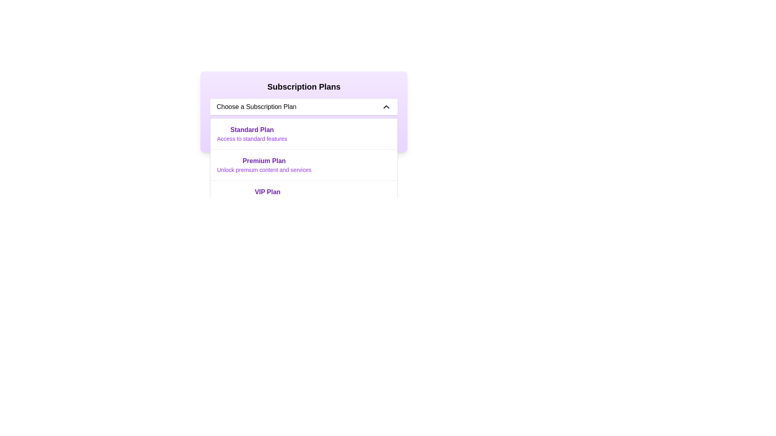  Describe the element at coordinates (264, 161) in the screenshot. I see `the text label displaying 'Premium Plan' in bold, purple-colored font, which is the second entry in the 'Subscription Plans' dropdown list` at that location.